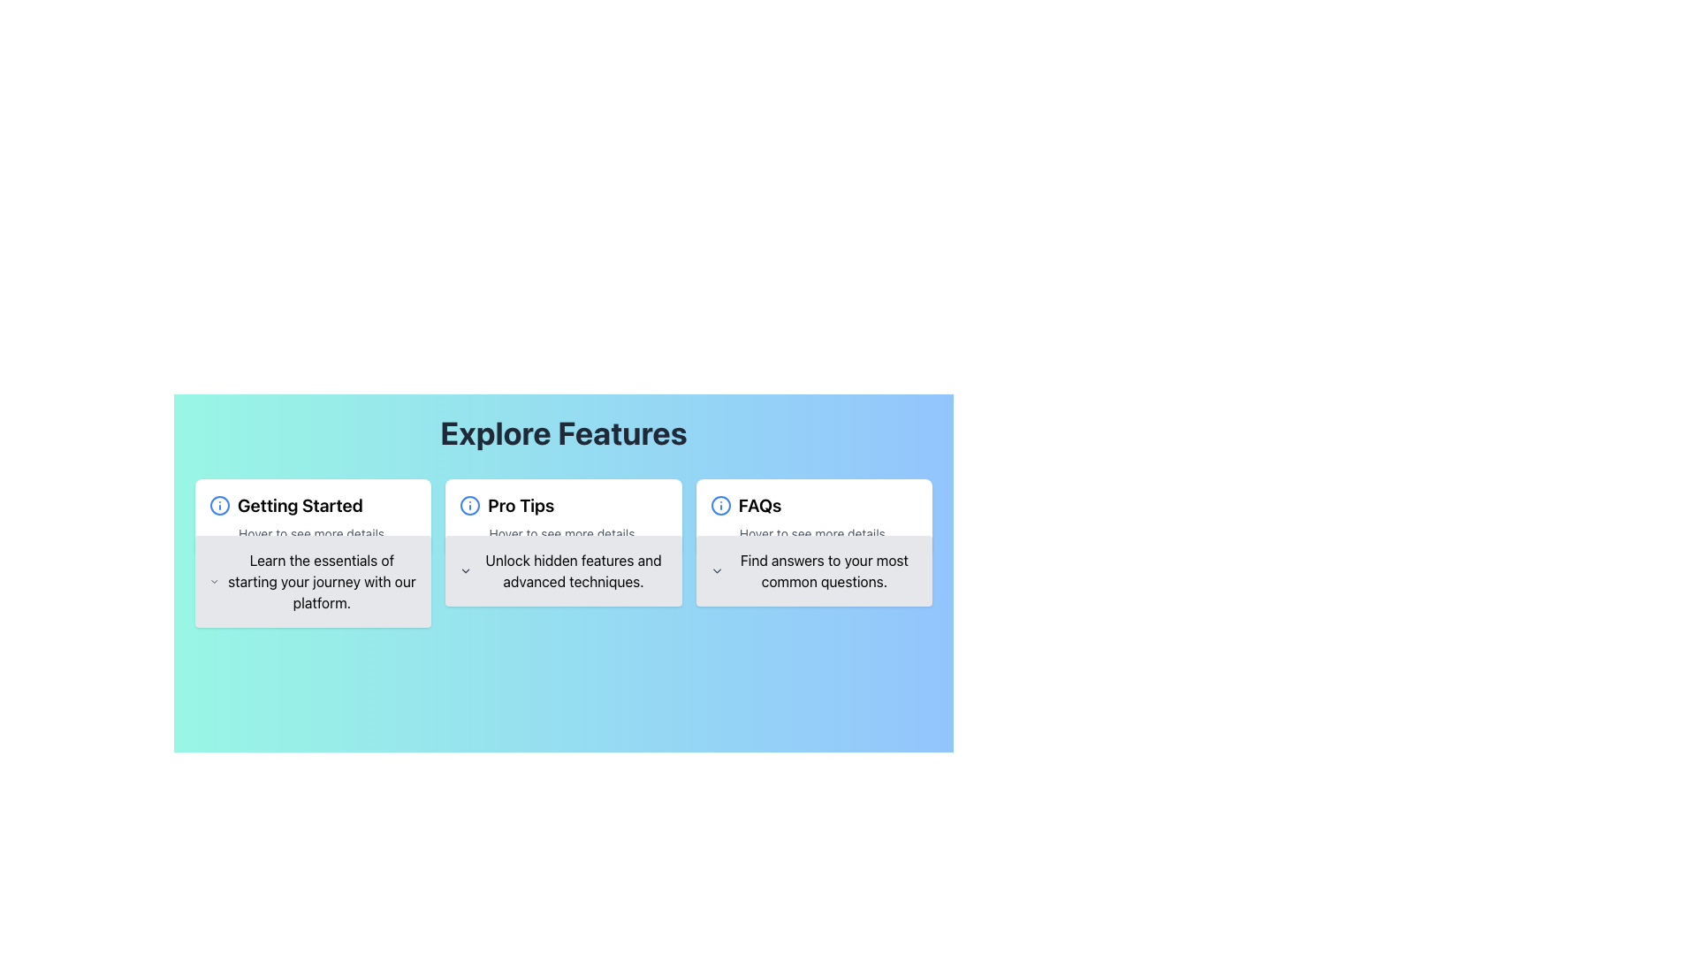 The width and height of the screenshot is (1697, 955). What do you see at coordinates (813, 517) in the screenshot?
I see `the third card in the grid layout, which provides access to frequently asked questions` at bounding box center [813, 517].